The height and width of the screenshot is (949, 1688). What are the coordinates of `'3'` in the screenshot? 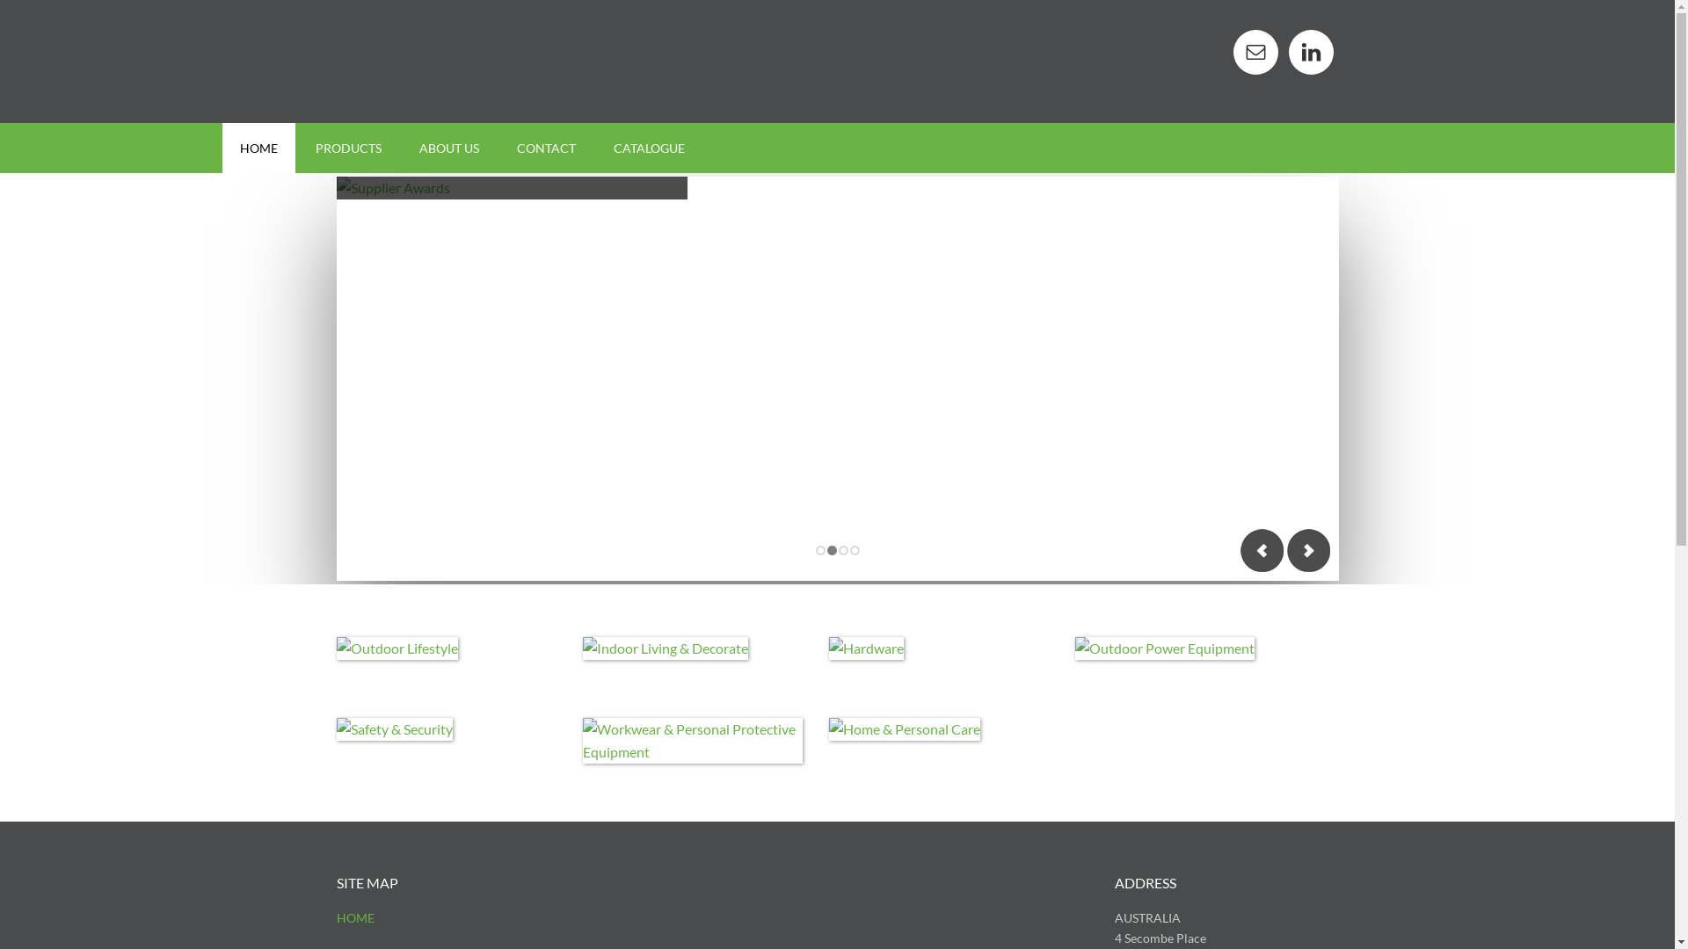 It's located at (841, 550).